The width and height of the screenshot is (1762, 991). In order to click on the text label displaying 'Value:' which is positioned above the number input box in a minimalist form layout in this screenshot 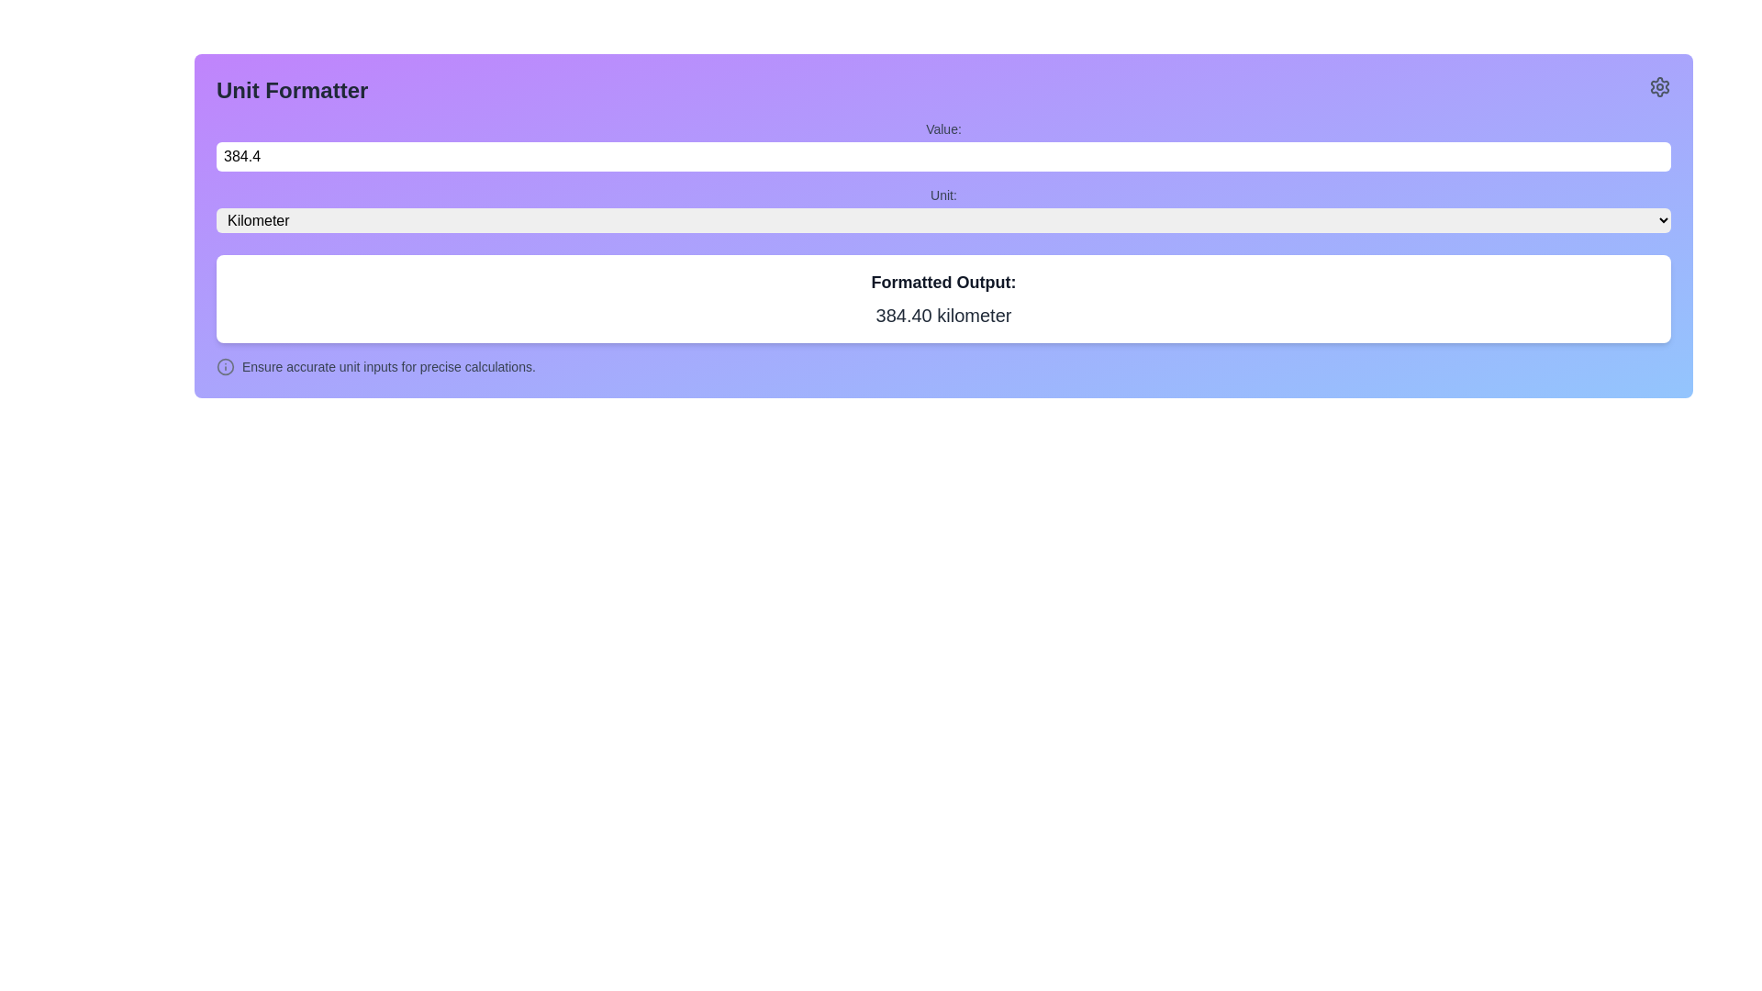, I will do `click(943, 128)`.